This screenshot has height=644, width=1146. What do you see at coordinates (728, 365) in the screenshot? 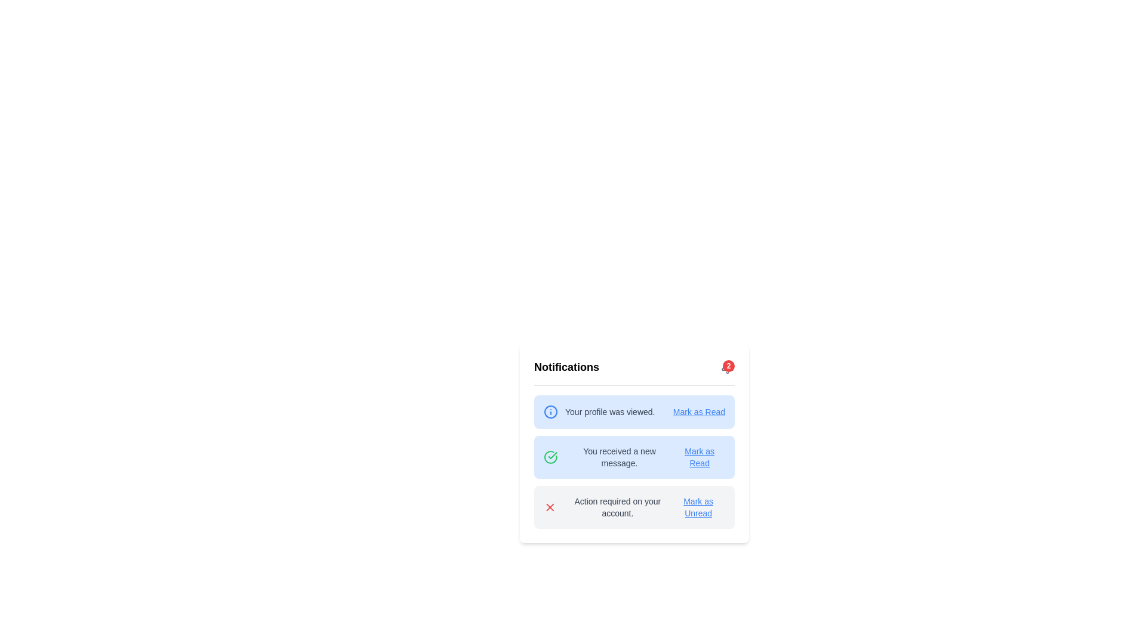
I see `the count displayed on the Counter badge located at the top-right corner of the notification icon in the notification panel` at bounding box center [728, 365].